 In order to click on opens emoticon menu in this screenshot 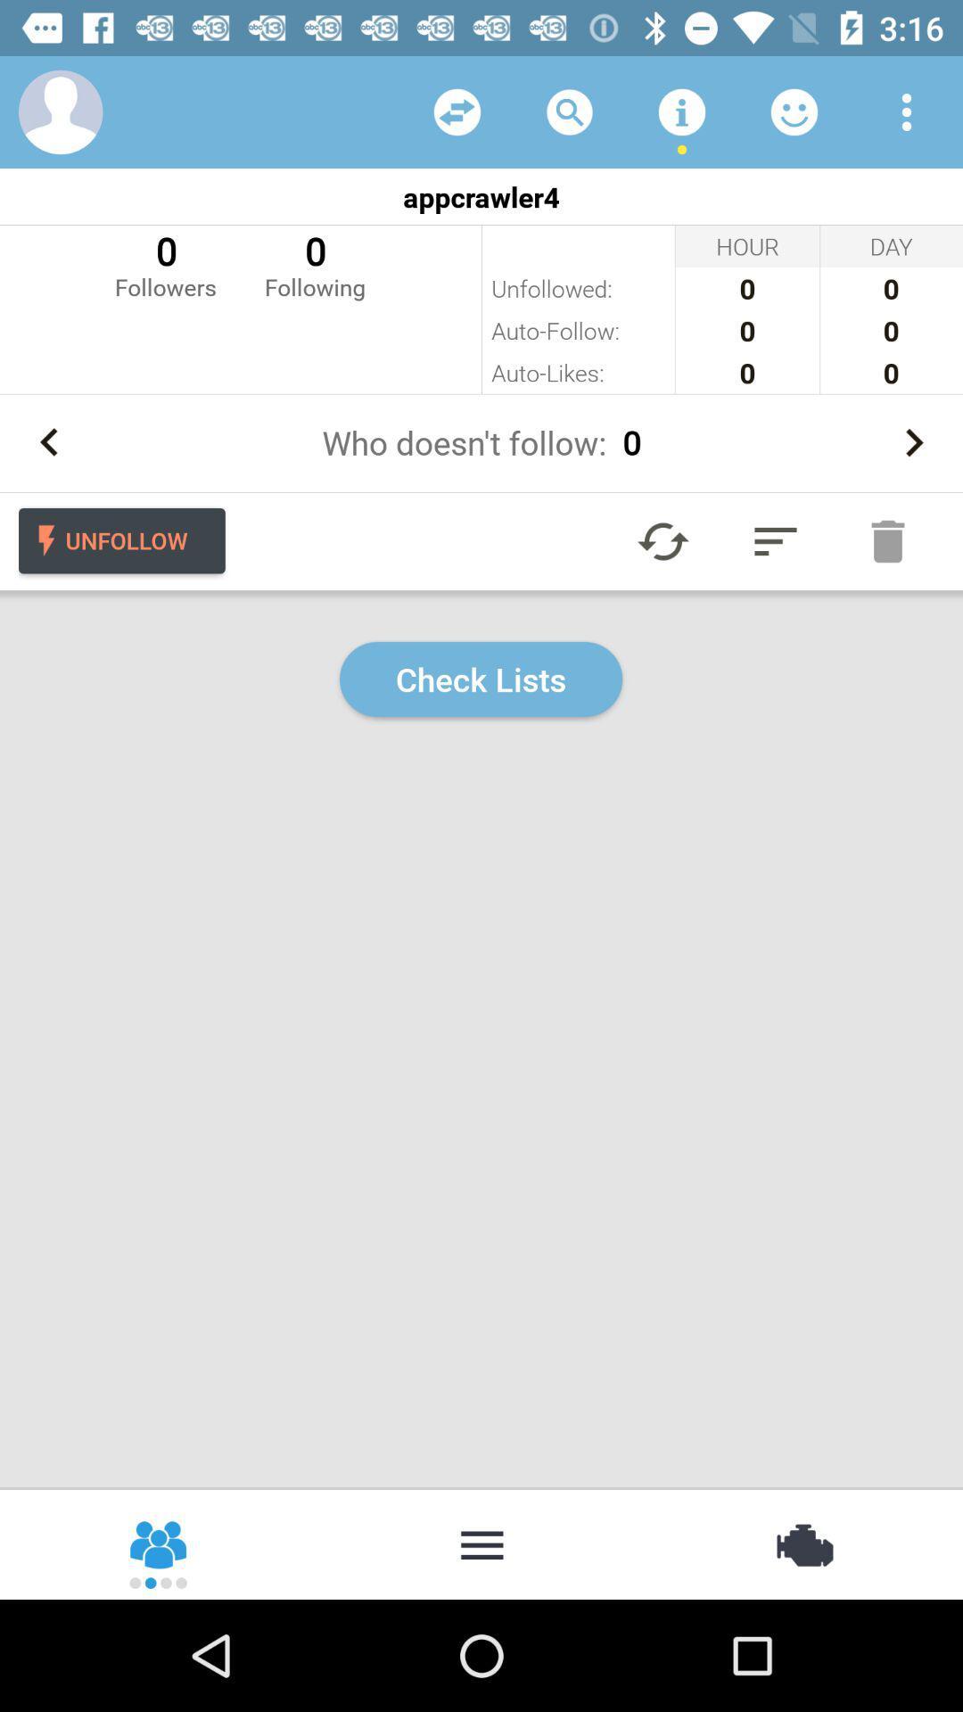, I will do `click(794, 111)`.